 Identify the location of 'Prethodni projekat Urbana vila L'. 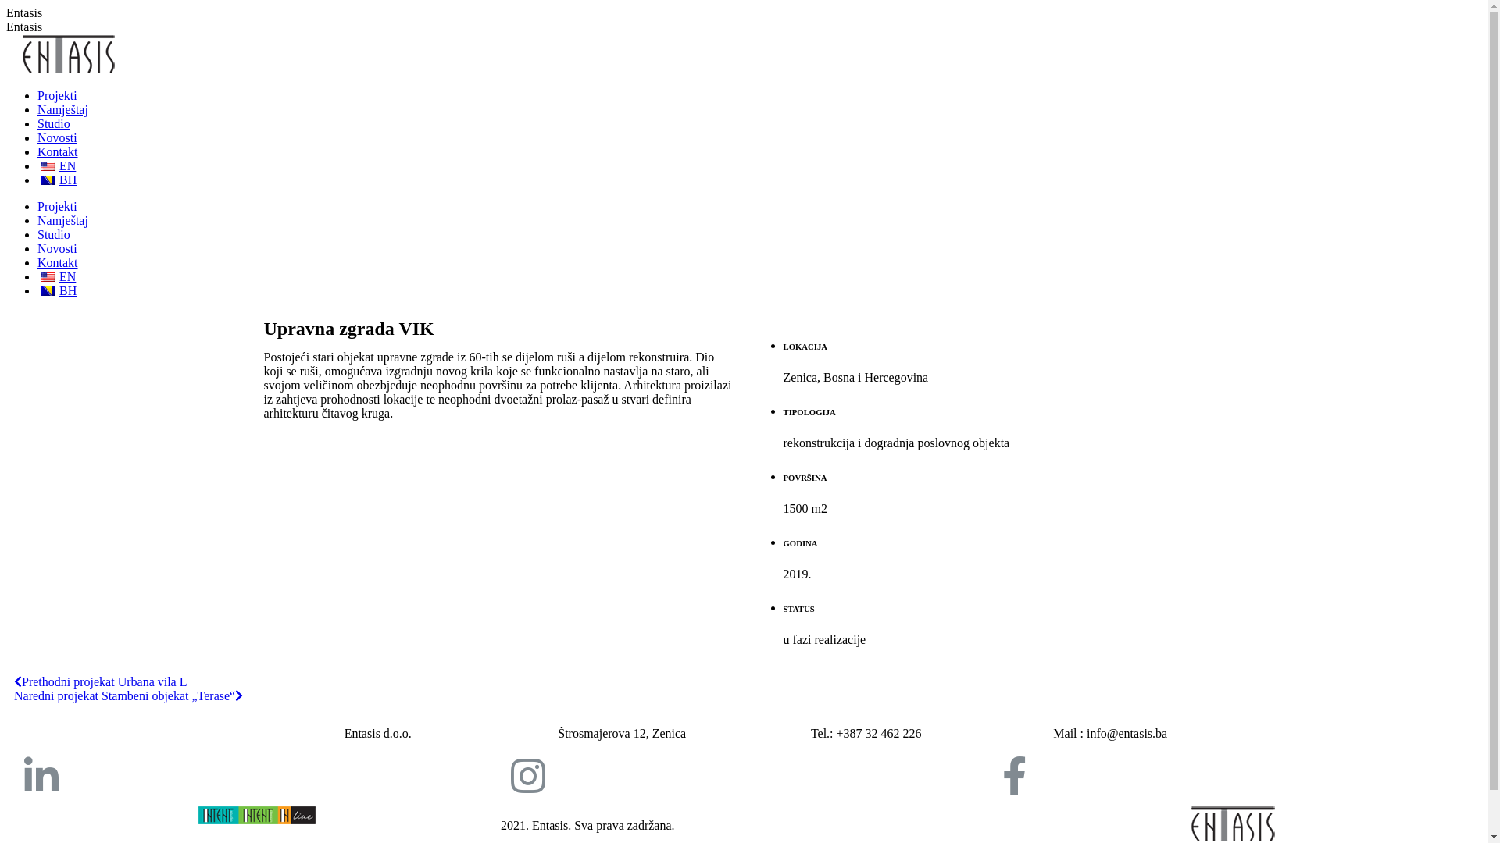
(100, 681).